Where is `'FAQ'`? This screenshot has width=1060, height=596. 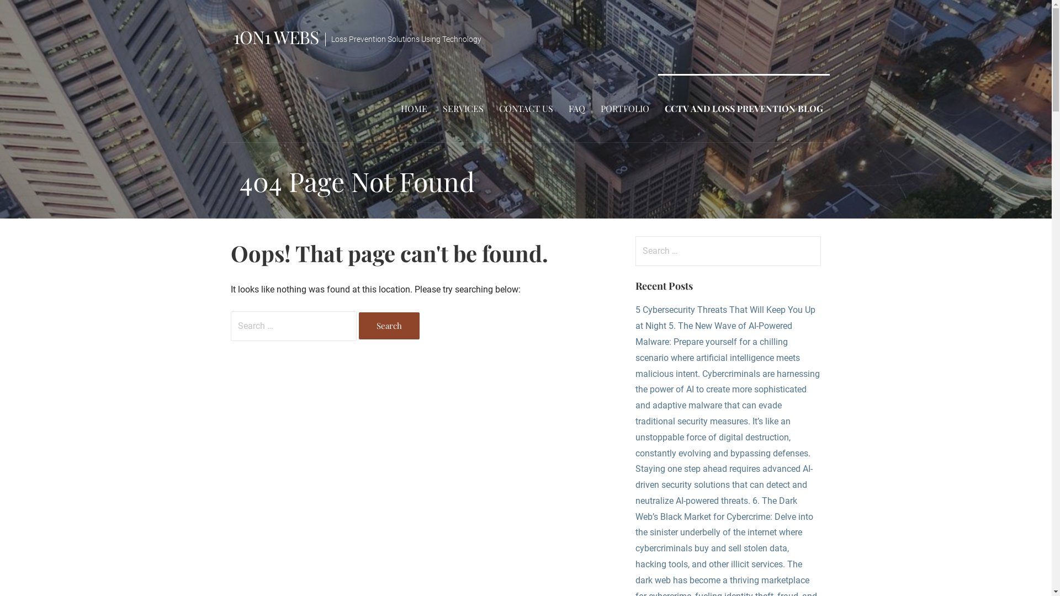 'FAQ' is located at coordinates (576, 108).